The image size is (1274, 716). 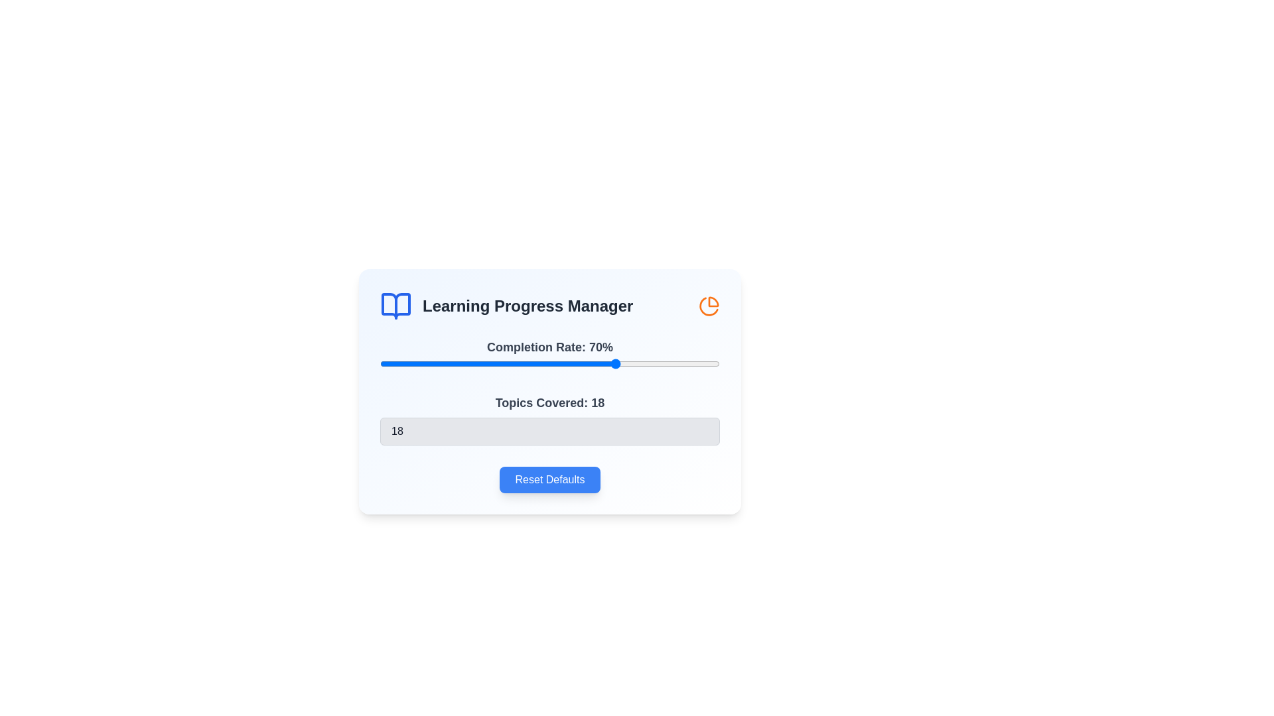 I want to click on the number of topics covered to 30 by entering the value in the input box, so click(x=550, y=432).